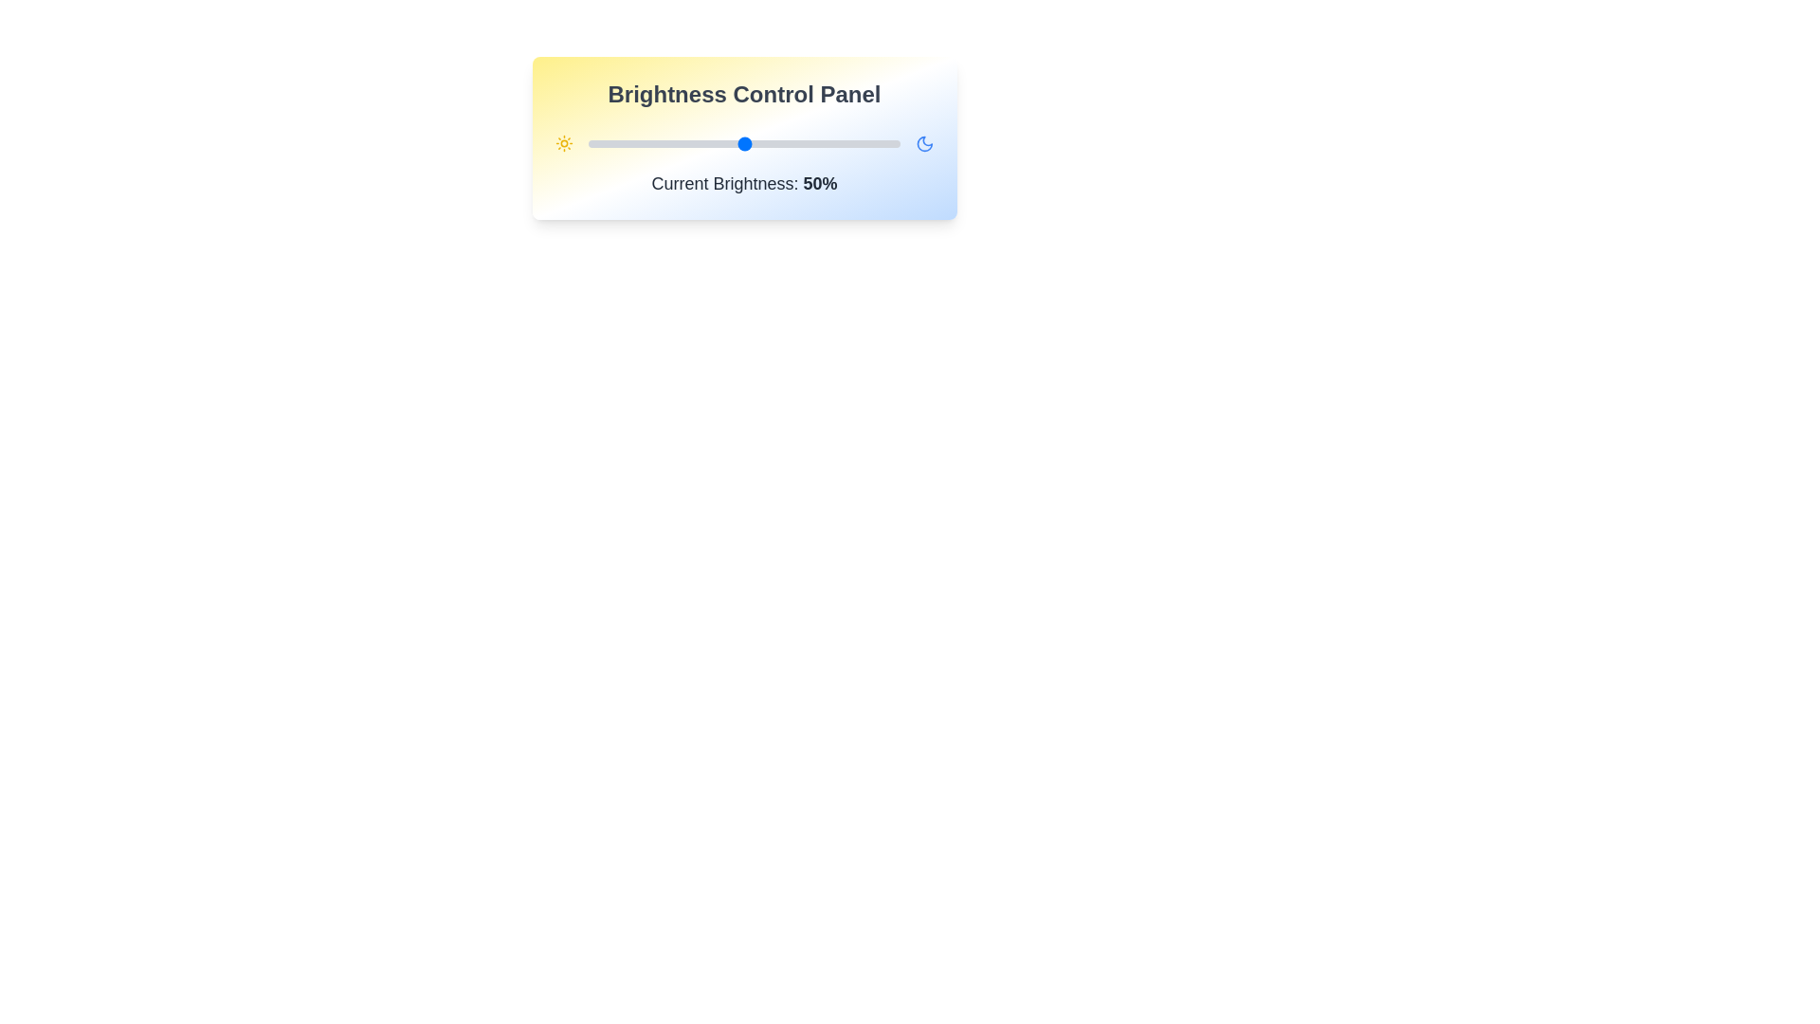 This screenshot has height=1024, width=1820. Describe the element at coordinates (924, 142) in the screenshot. I see `the crescent moon icon located in the top-right section of the interface, which serves as a thematic indicator for brightness settings` at that location.